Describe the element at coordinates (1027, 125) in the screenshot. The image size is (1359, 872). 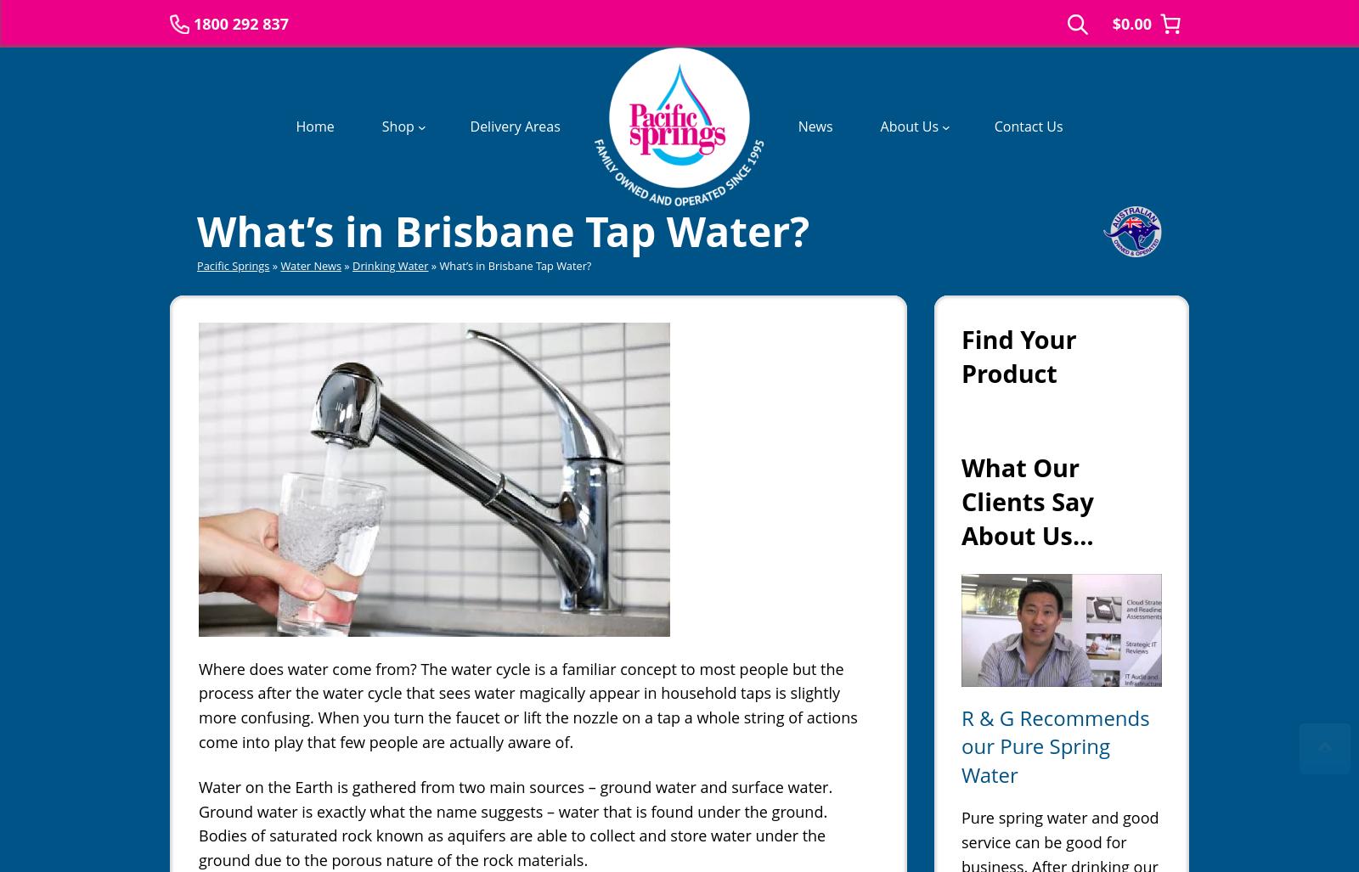
I see `'Contact Us'` at that location.